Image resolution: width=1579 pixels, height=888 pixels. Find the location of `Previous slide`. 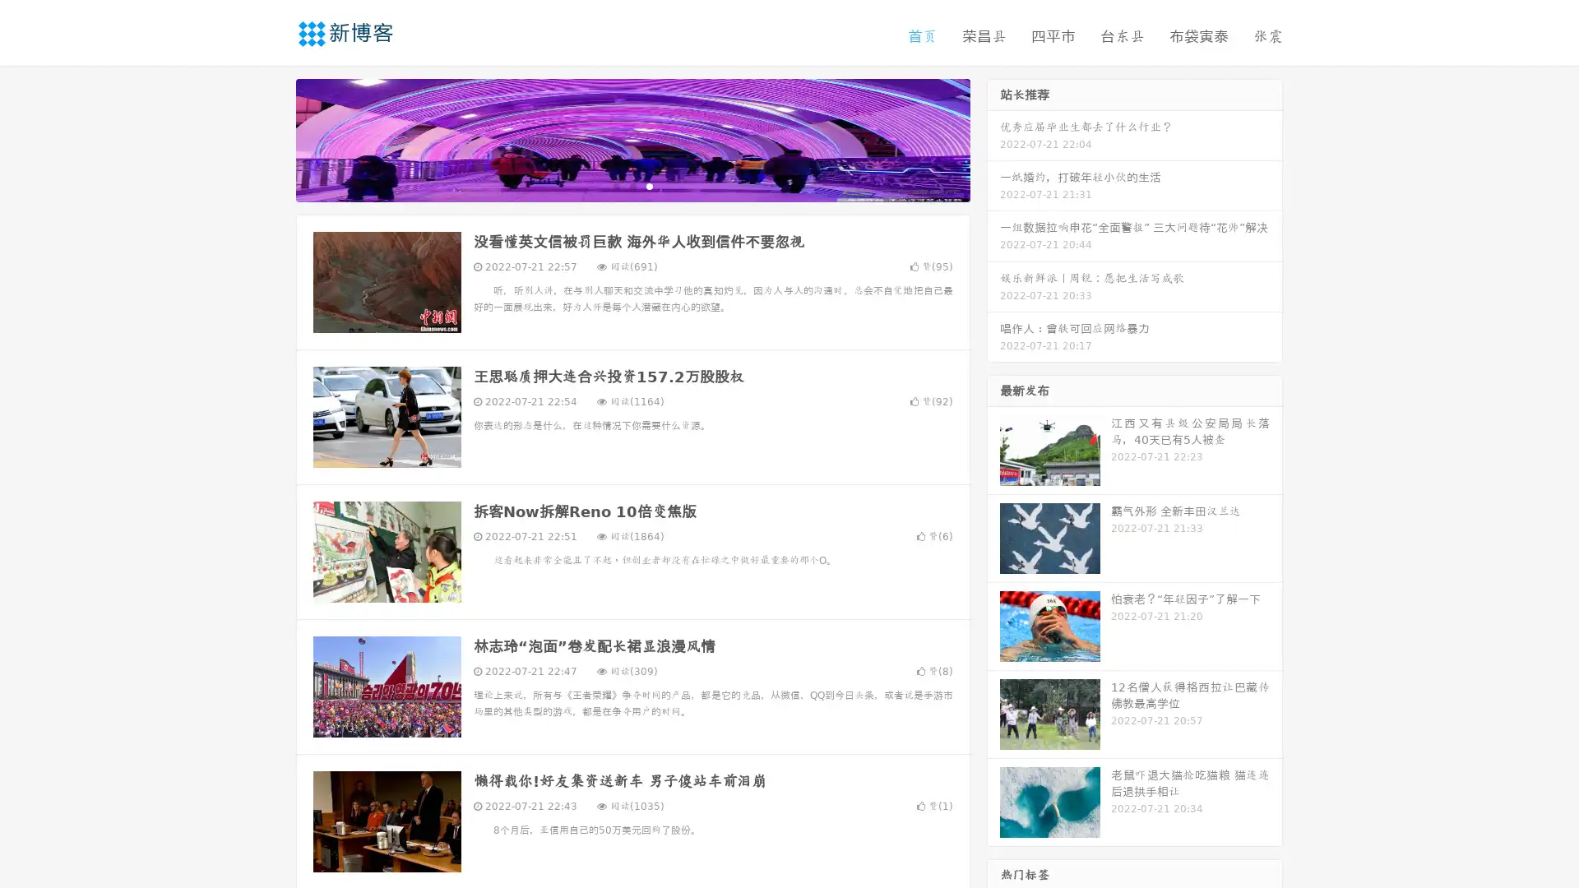

Previous slide is located at coordinates (271, 138).